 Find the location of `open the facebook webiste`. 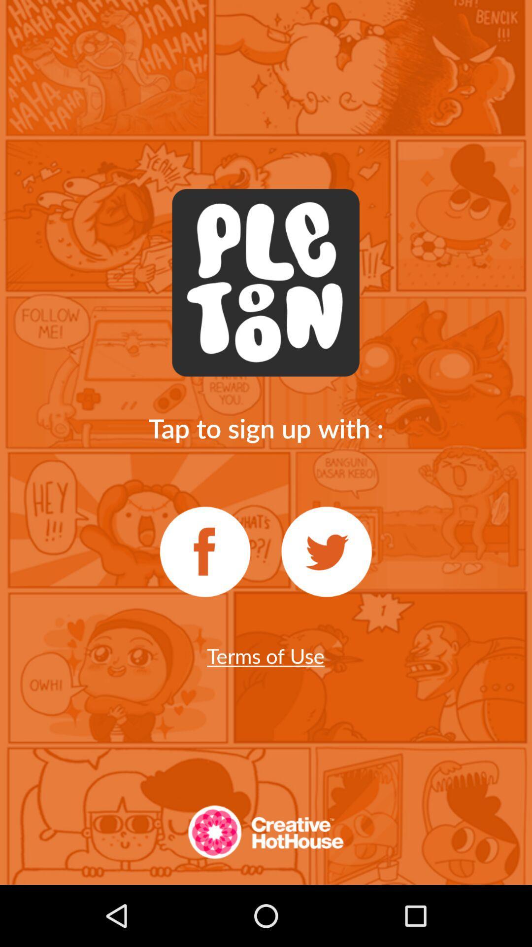

open the facebook webiste is located at coordinates (204, 551).